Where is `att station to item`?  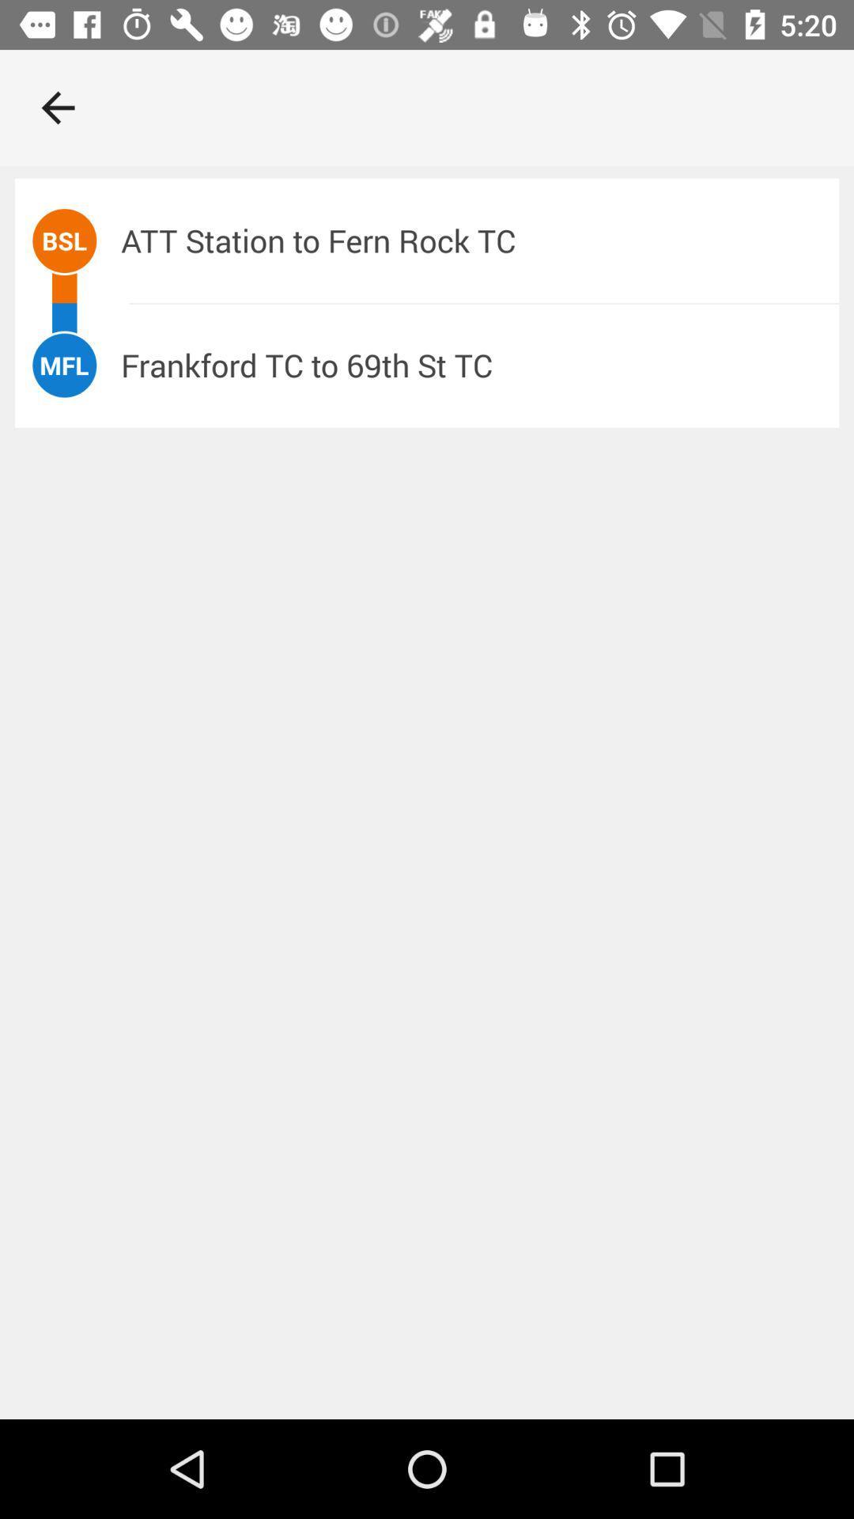
att station to item is located at coordinates (479, 240).